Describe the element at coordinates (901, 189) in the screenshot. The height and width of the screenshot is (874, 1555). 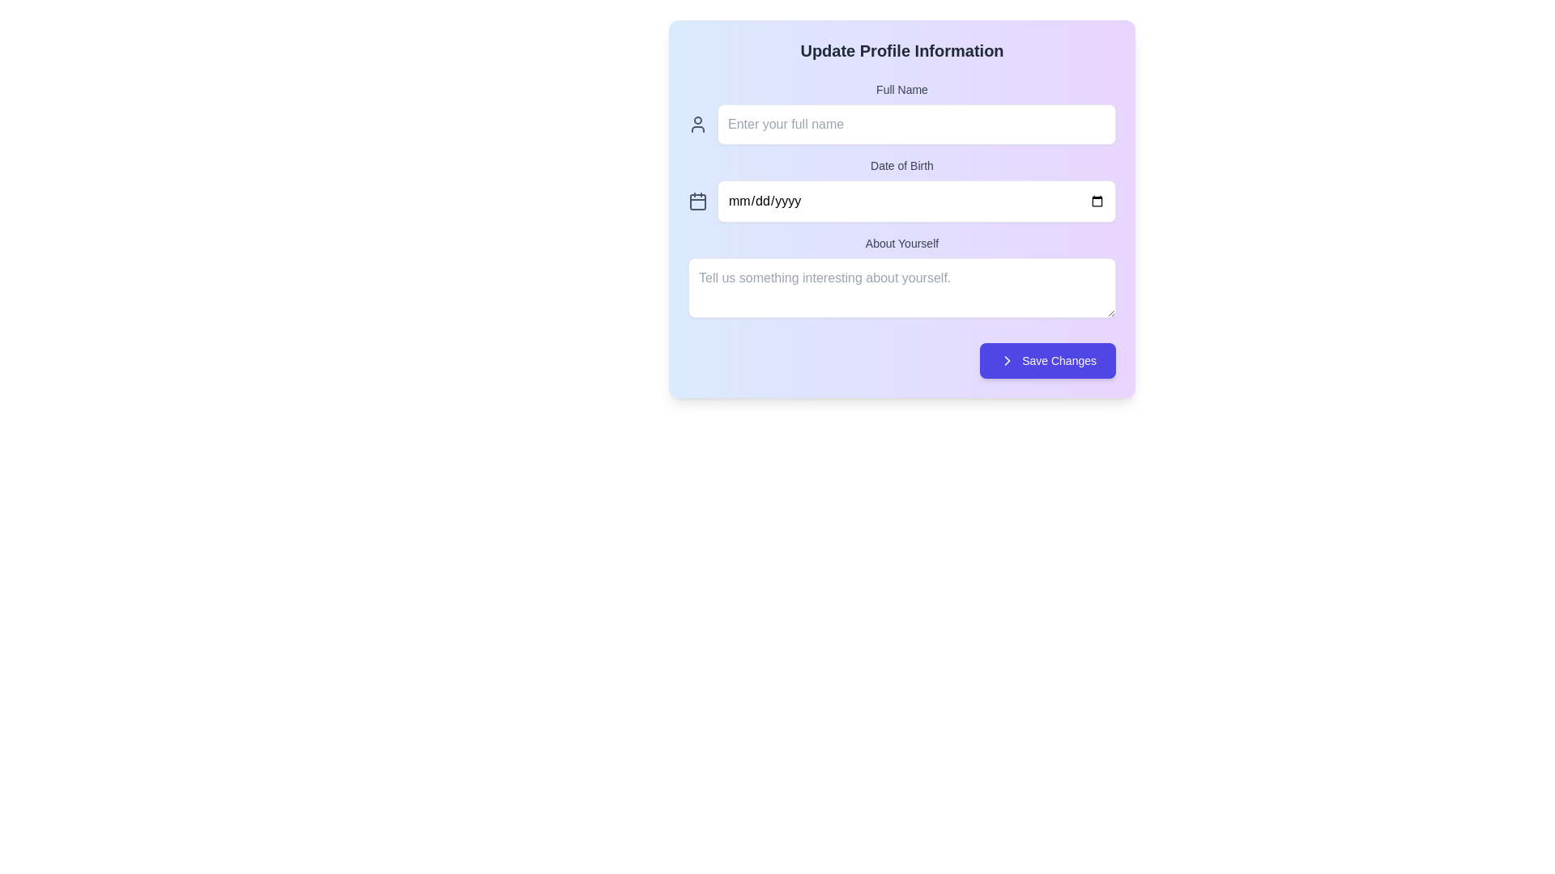
I see `the date input field located below the 'Full Name' field in the 'Update Profile Information' form` at that location.